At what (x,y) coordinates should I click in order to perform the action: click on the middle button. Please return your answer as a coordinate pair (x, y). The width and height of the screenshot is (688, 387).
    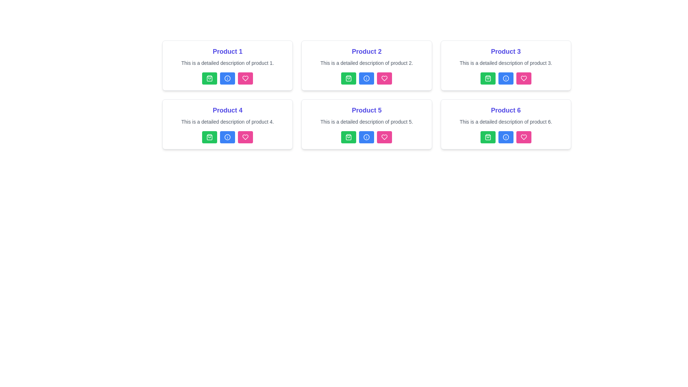
    Looking at the image, I should click on (505, 78).